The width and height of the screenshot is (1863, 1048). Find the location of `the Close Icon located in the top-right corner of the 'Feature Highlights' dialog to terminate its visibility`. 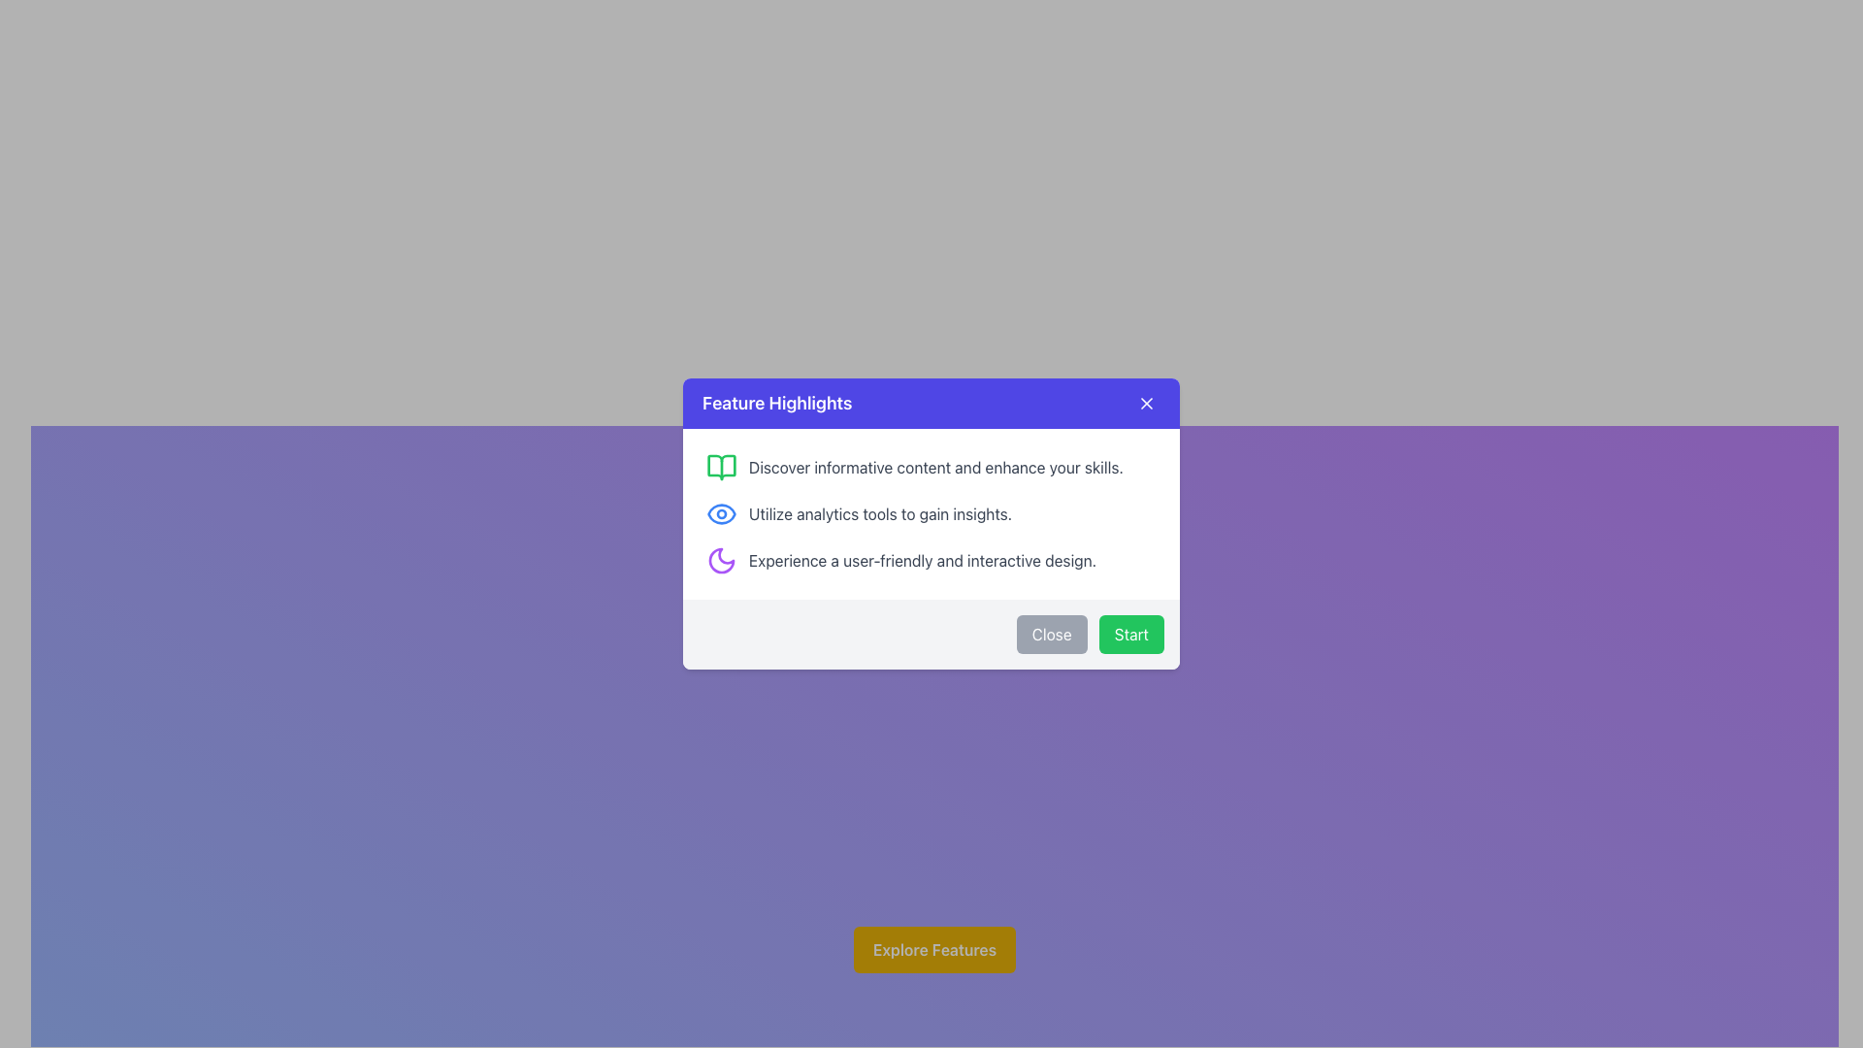

the Close Icon located in the top-right corner of the 'Feature Highlights' dialog to terminate its visibility is located at coordinates (1146, 403).